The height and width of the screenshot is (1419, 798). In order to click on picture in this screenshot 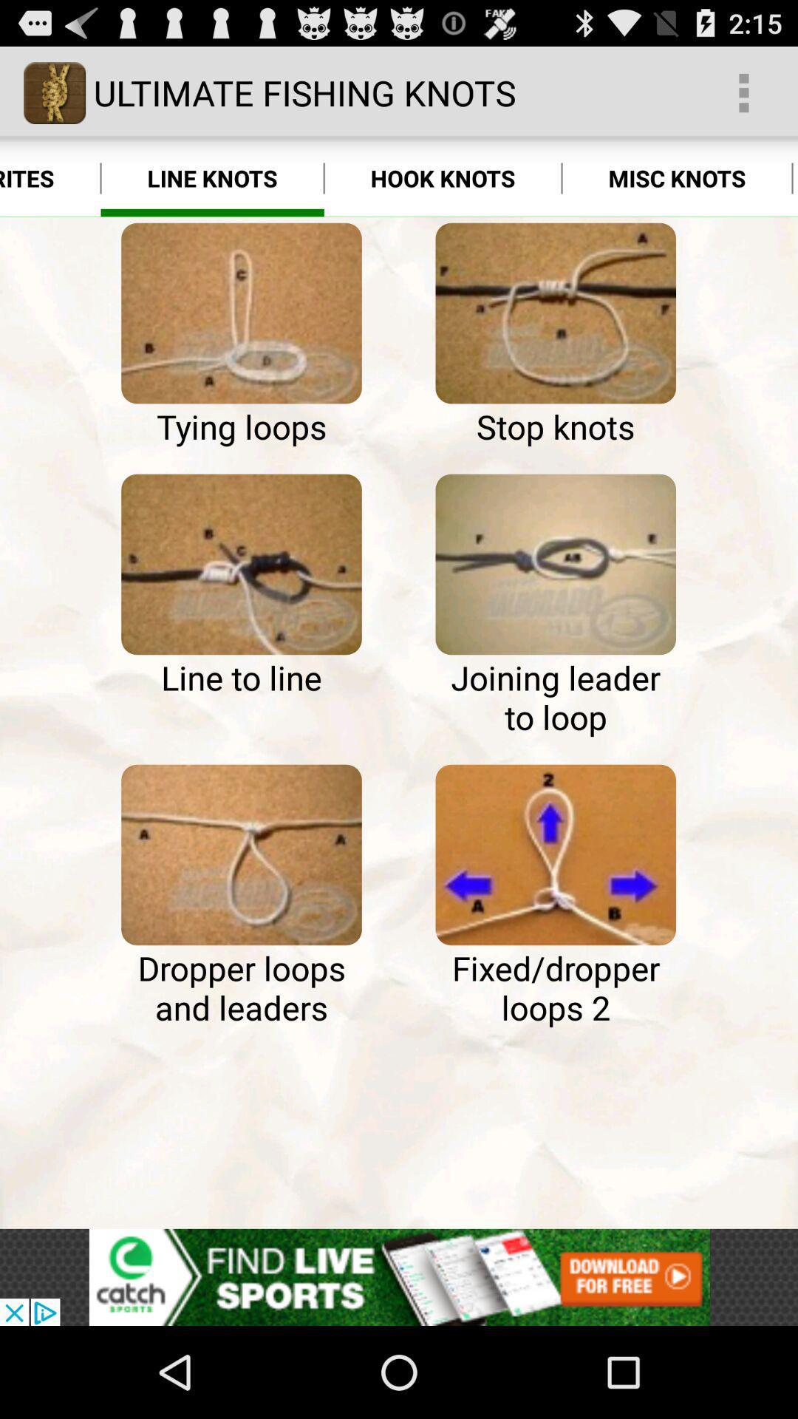, I will do `click(241, 563)`.